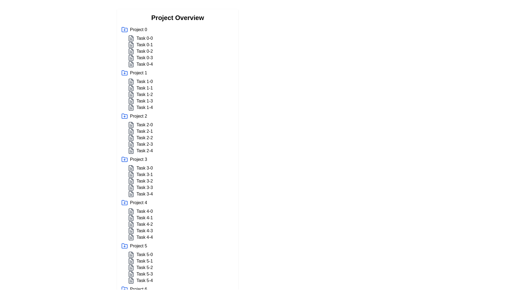  Describe the element at coordinates (138, 246) in the screenshot. I see `the 'Project 5' text label, which is the sixth element in the 'Project' series` at that location.